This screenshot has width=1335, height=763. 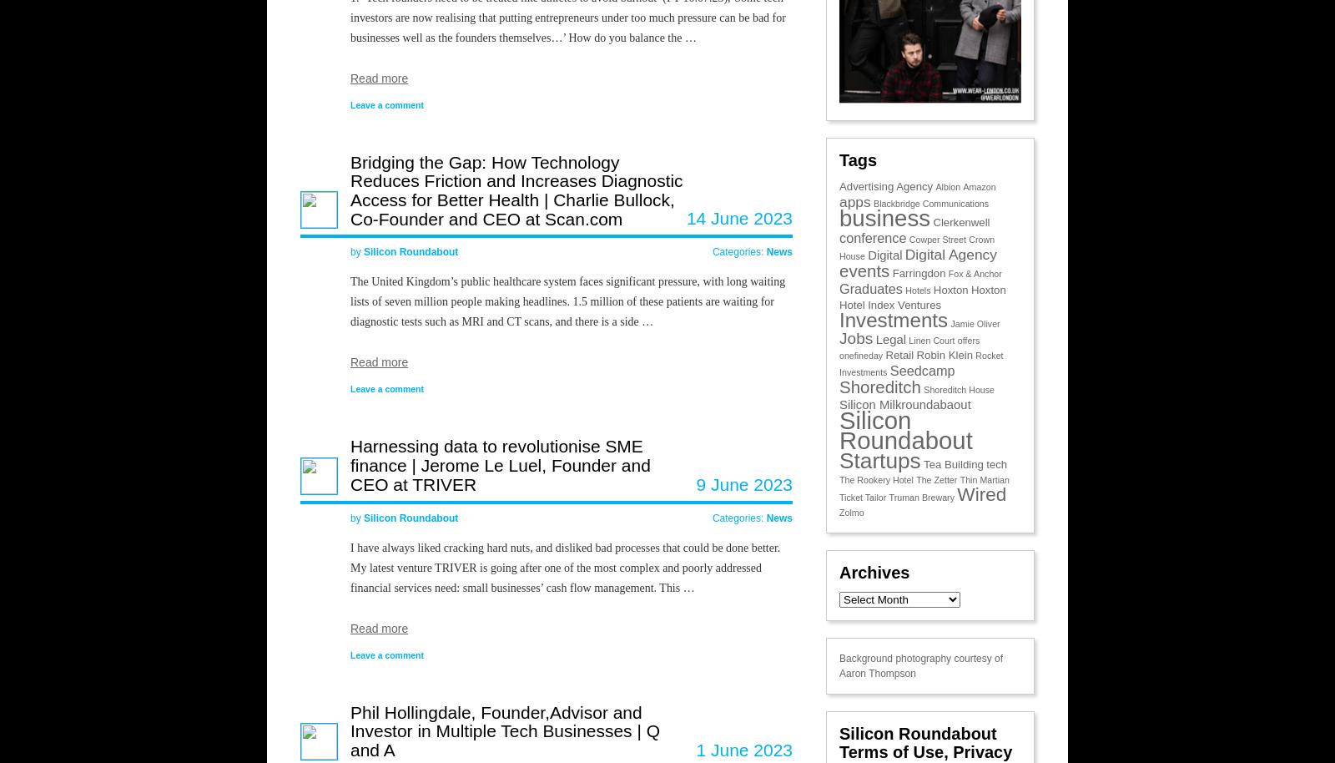 I want to click on 'Blackbridge Communications', so click(x=931, y=202).